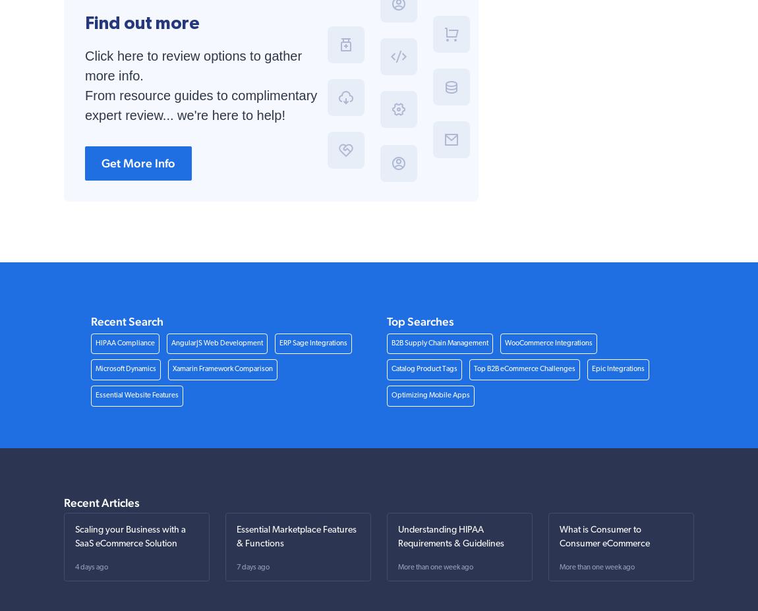  Describe the element at coordinates (193, 65) in the screenshot. I see `'Click here to review options to gather more info.'` at that location.